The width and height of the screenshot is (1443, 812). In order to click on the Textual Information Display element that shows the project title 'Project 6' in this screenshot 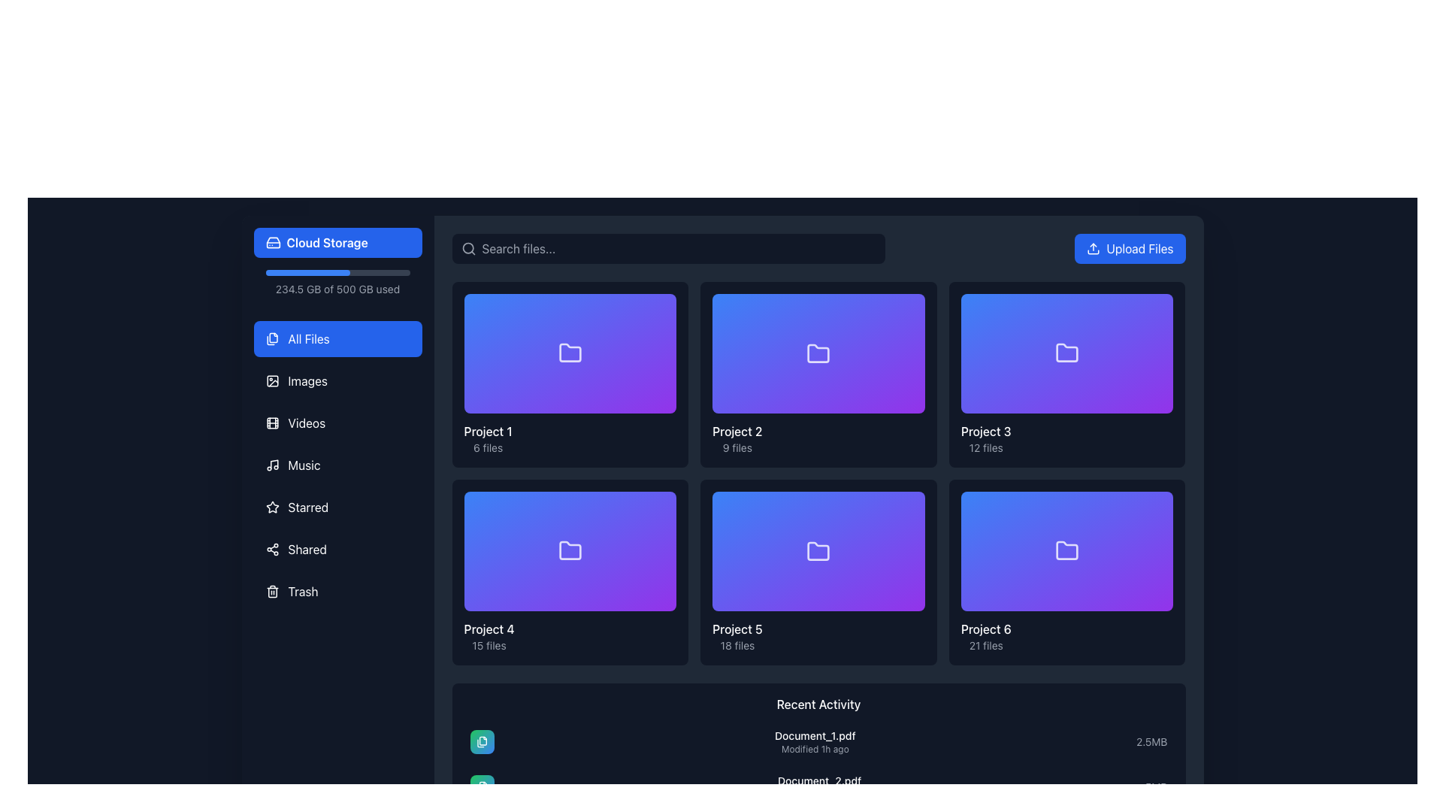, I will do `click(1066, 636)`.